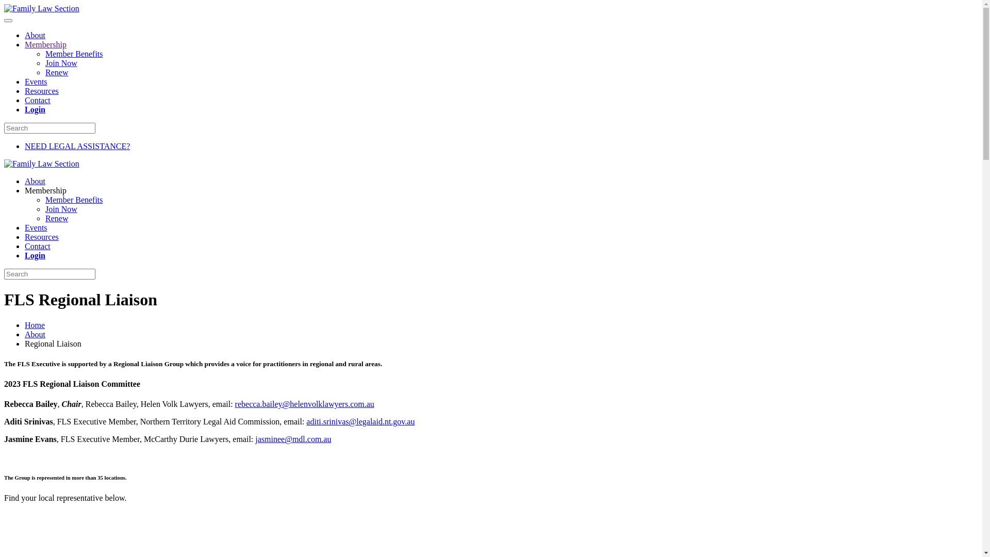  I want to click on 'Events', so click(25, 227).